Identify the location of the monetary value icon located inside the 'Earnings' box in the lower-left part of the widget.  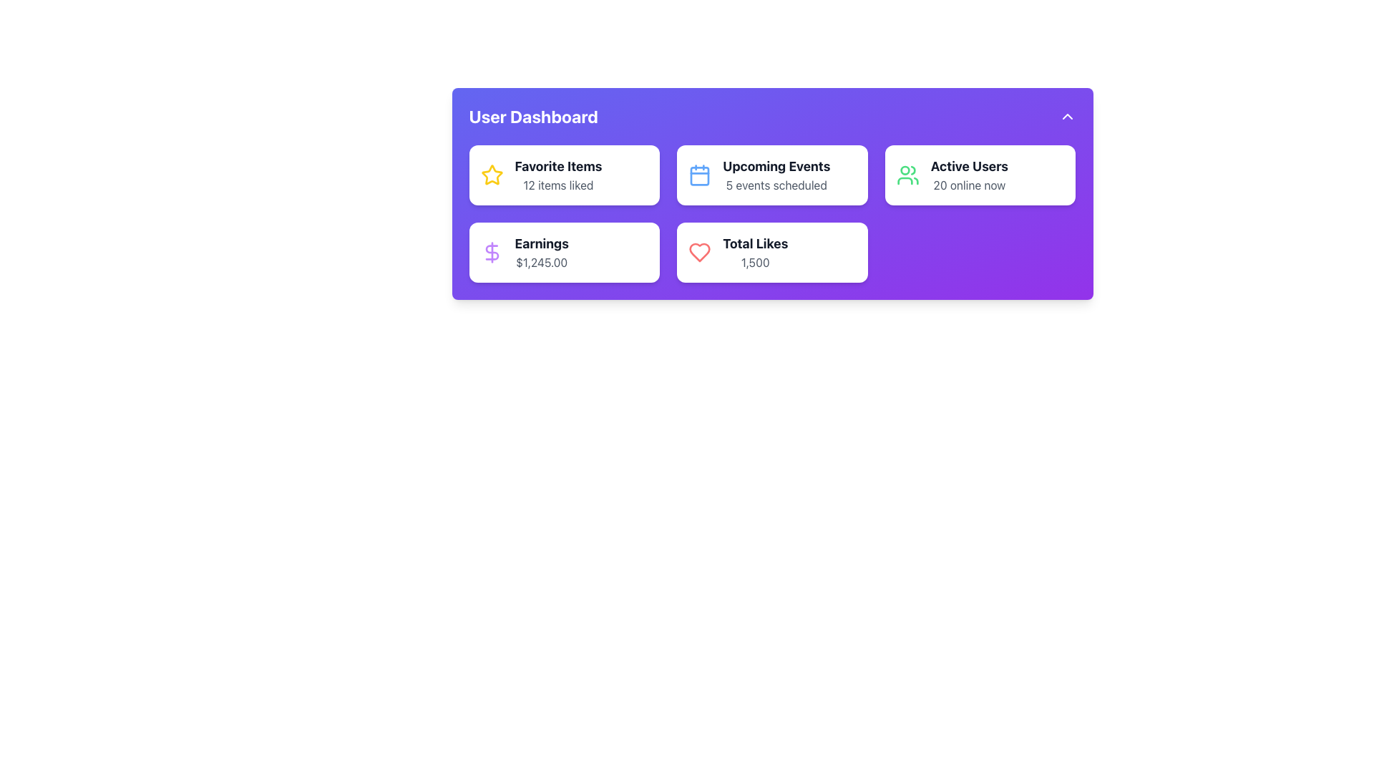
(492, 252).